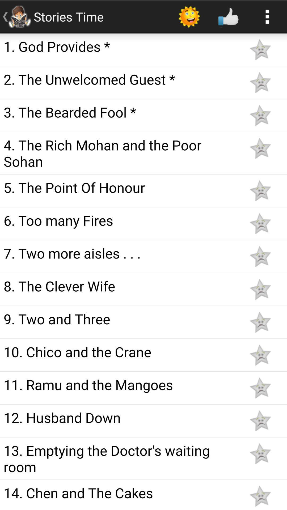 This screenshot has width=287, height=510. What do you see at coordinates (260, 355) in the screenshot?
I see `like the image` at bounding box center [260, 355].